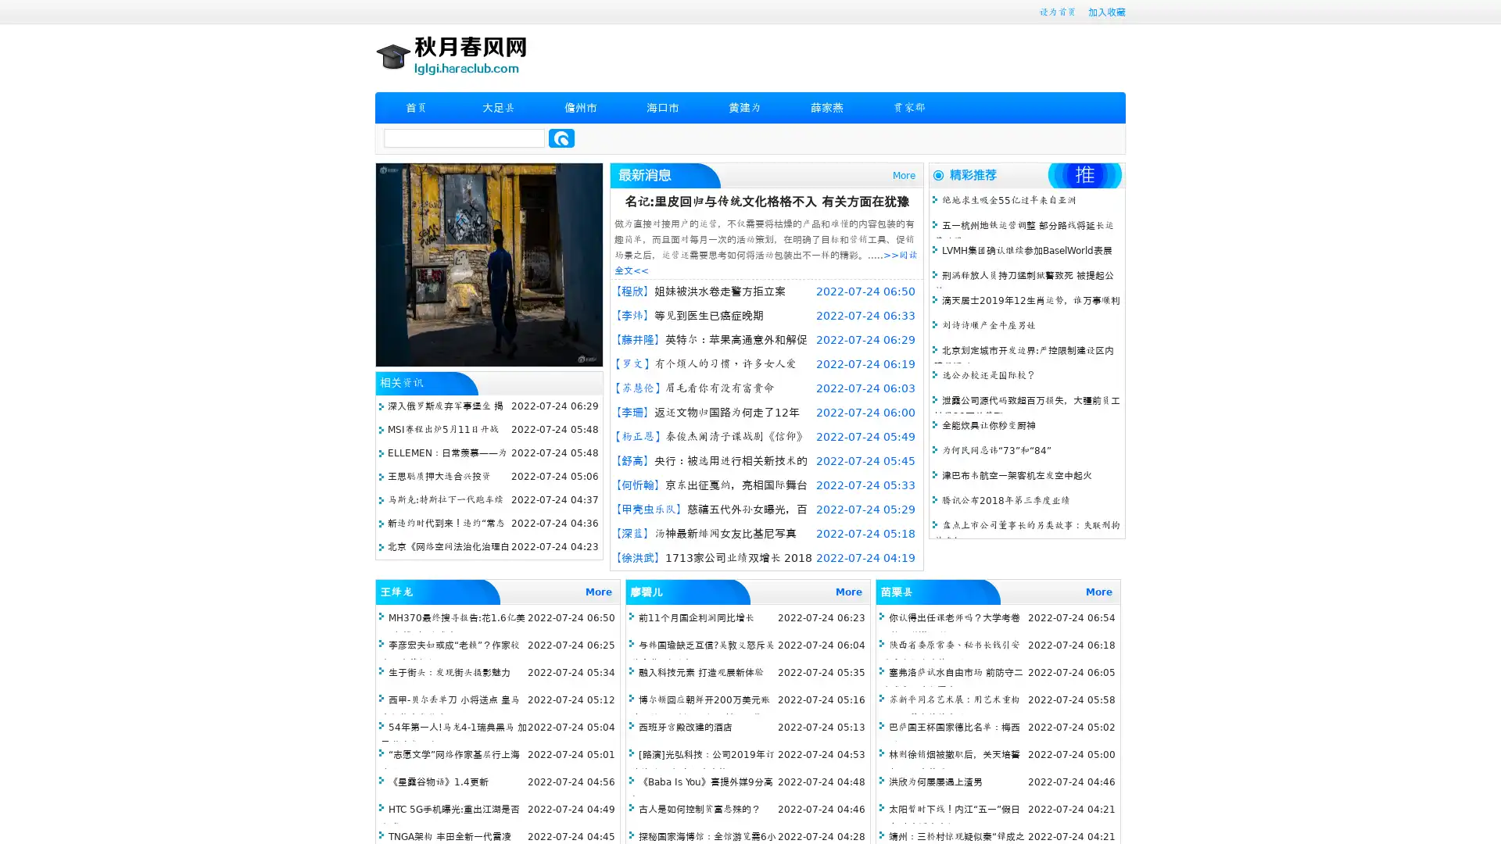 This screenshot has width=1501, height=844. I want to click on Search, so click(561, 138).